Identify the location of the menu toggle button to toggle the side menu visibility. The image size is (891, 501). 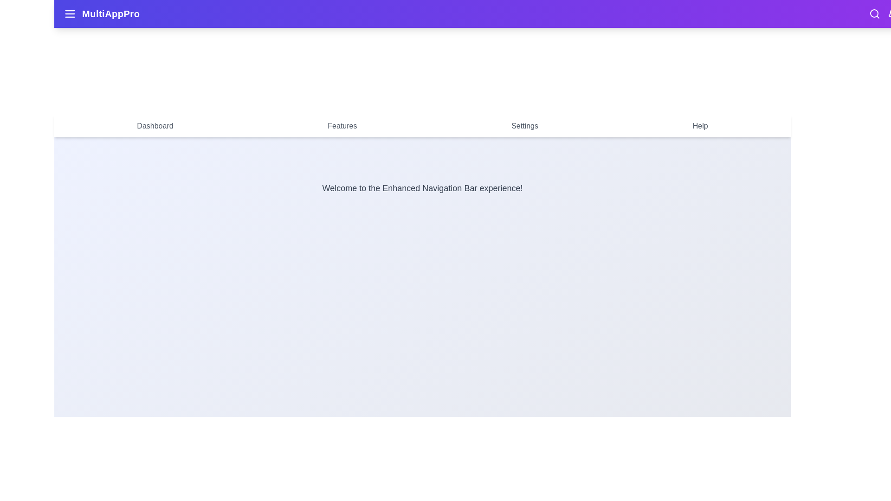
(69, 14).